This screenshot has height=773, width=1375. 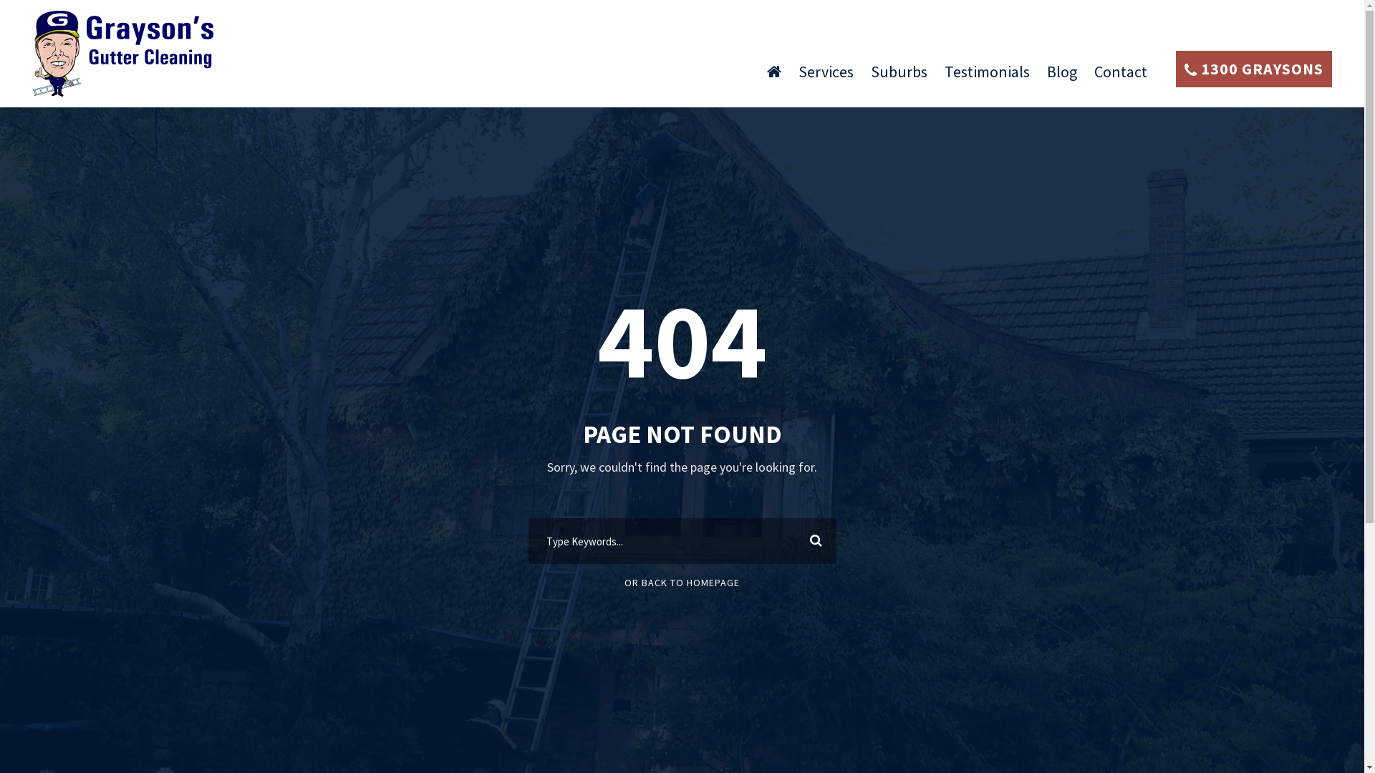 I want to click on 'Home', so click(x=773, y=77).